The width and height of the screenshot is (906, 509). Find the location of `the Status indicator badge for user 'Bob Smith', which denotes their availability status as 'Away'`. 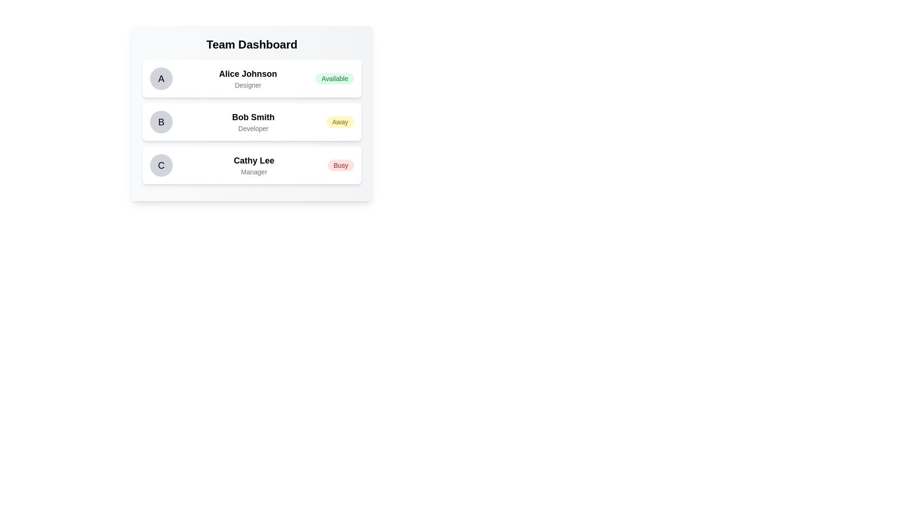

the Status indicator badge for user 'Bob Smith', which denotes their availability status as 'Away' is located at coordinates (340, 121).